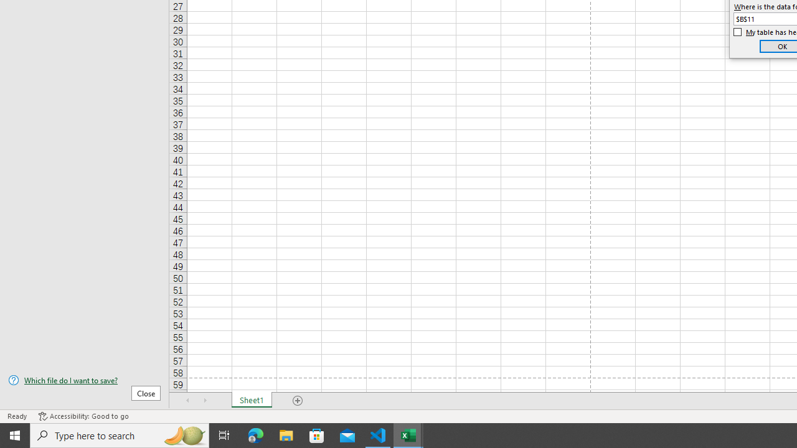 Image resolution: width=797 pixels, height=448 pixels. What do you see at coordinates (84, 380) in the screenshot?
I see `'Which file do I want to save?'` at bounding box center [84, 380].